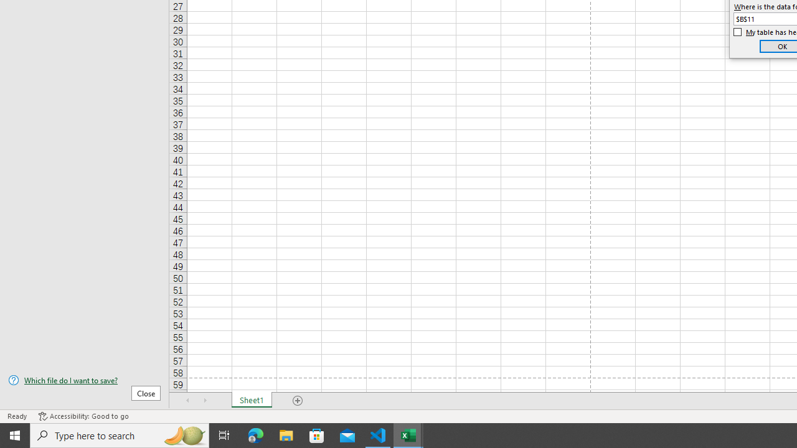 Image resolution: width=797 pixels, height=448 pixels. What do you see at coordinates (84, 380) in the screenshot?
I see `'Which file do I want to save?'` at bounding box center [84, 380].